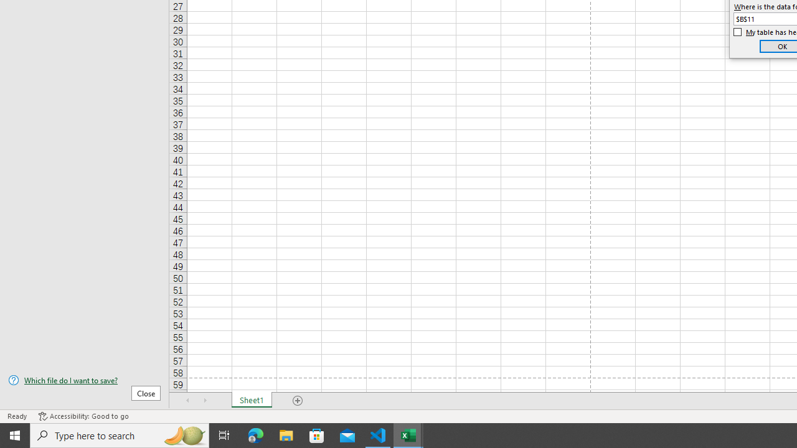 Image resolution: width=797 pixels, height=448 pixels. What do you see at coordinates (84, 380) in the screenshot?
I see `'Which file do I want to save?'` at bounding box center [84, 380].